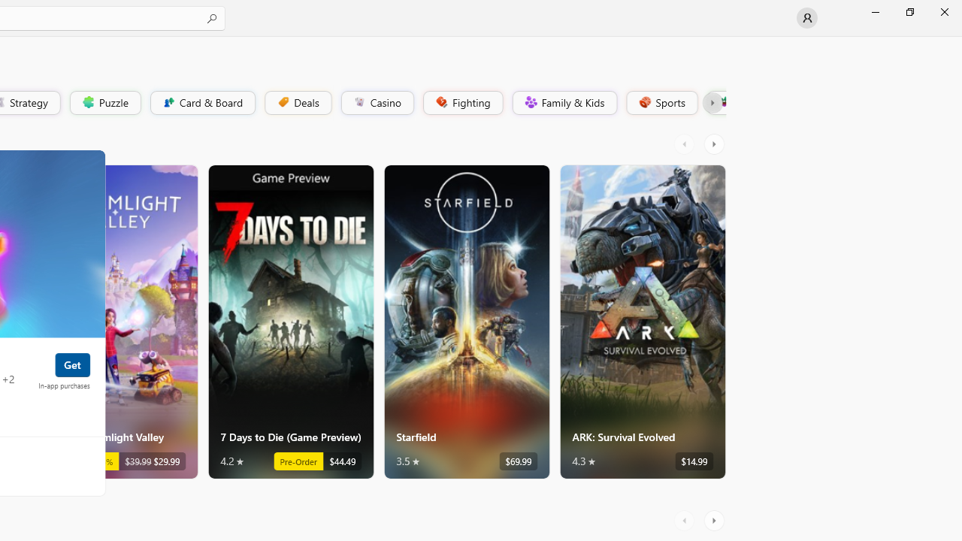 This screenshot has height=541, width=962. Describe the element at coordinates (563, 101) in the screenshot. I see `'Family & Kids'` at that location.